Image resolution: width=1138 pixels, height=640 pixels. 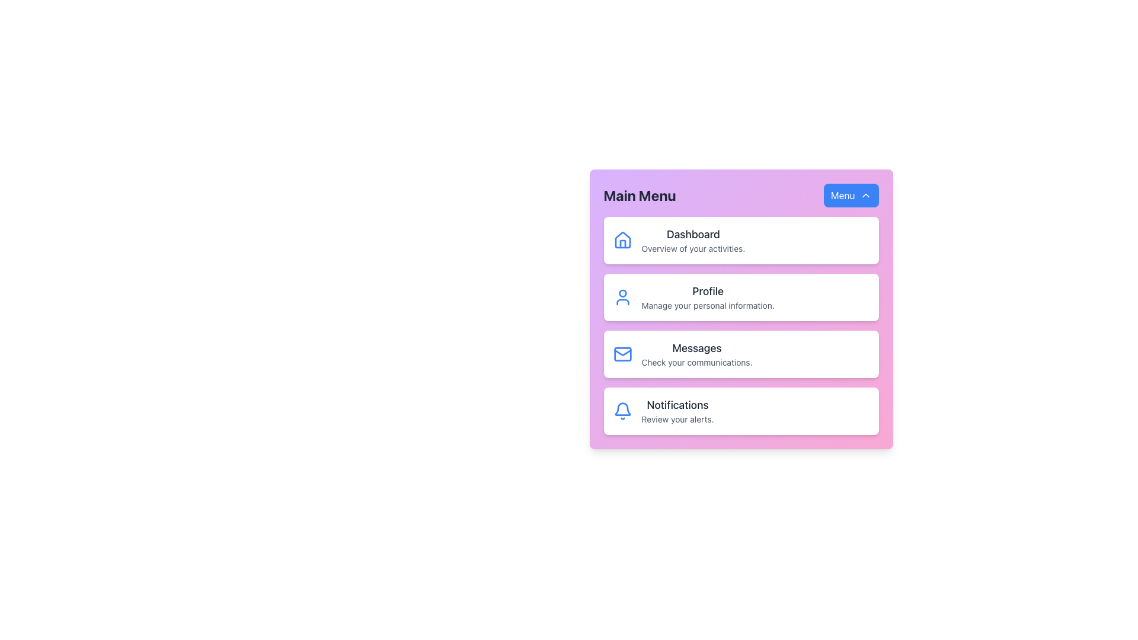 What do you see at coordinates (693, 240) in the screenshot?
I see `the 'Dashboard' text block in the main menu, which contains the title 'Dashboard' and subtitle 'Overview of your activities'` at bounding box center [693, 240].